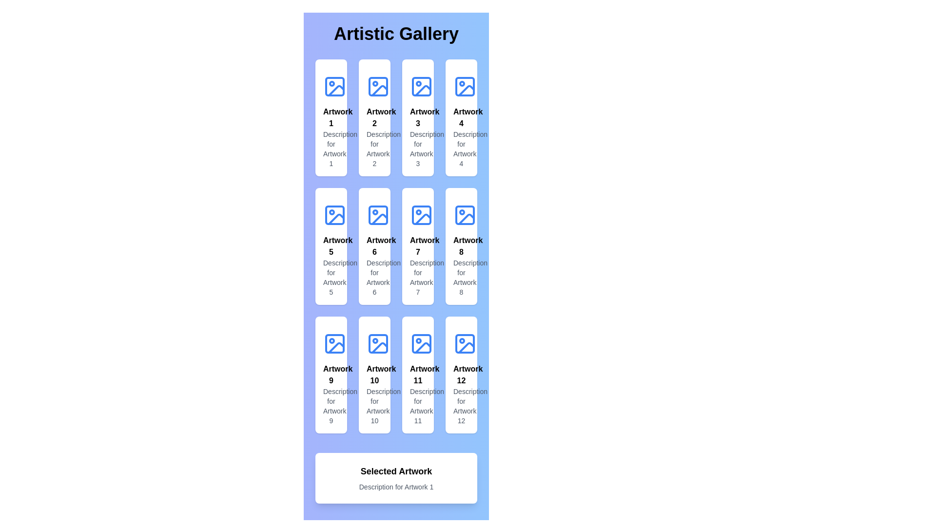  What do you see at coordinates (421, 86) in the screenshot?
I see `the blue-bordered image placeholder icon with a mountain and sun design located at the top center of the 'Artwork 3' card in the gallery layout` at bounding box center [421, 86].